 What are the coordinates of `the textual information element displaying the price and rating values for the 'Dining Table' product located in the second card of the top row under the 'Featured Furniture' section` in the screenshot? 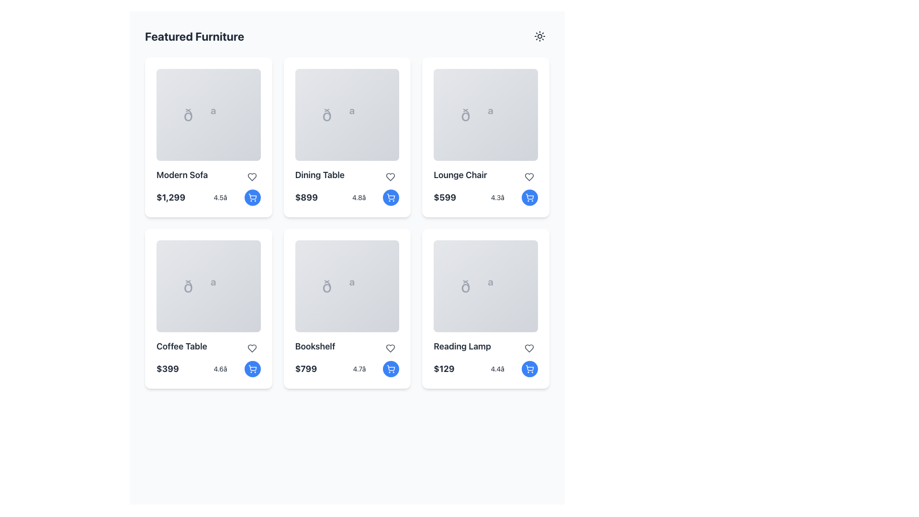 It's located at (347, 197).